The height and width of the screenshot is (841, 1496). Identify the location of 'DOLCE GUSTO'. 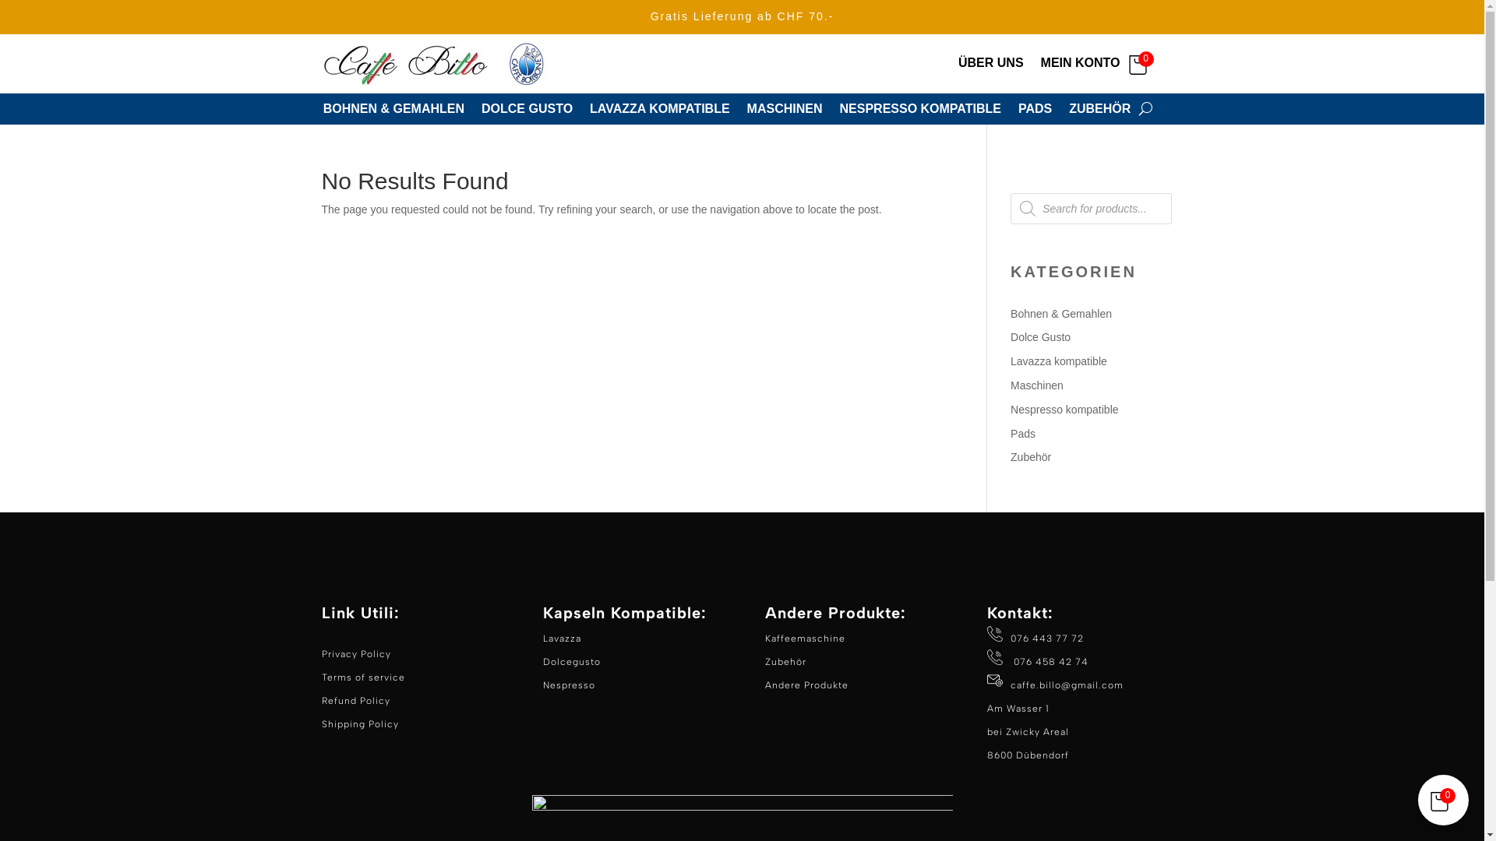
(481, 111).